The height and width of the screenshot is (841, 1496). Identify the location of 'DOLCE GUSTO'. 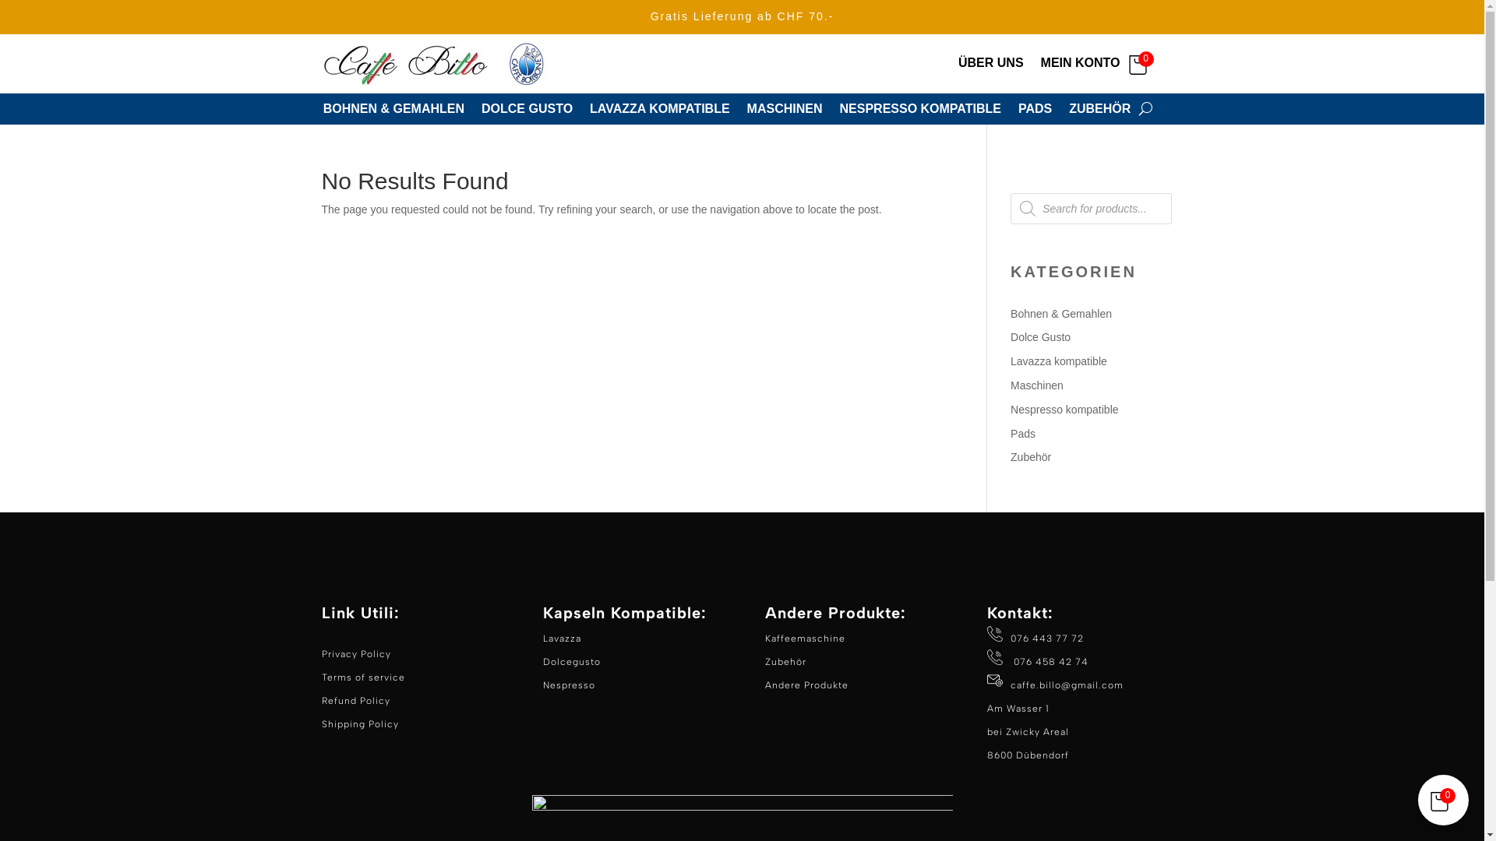
(481, 111).